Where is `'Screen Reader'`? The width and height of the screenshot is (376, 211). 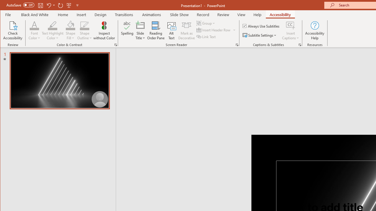
'Screen Reader' is located at coordinates (237, 45).